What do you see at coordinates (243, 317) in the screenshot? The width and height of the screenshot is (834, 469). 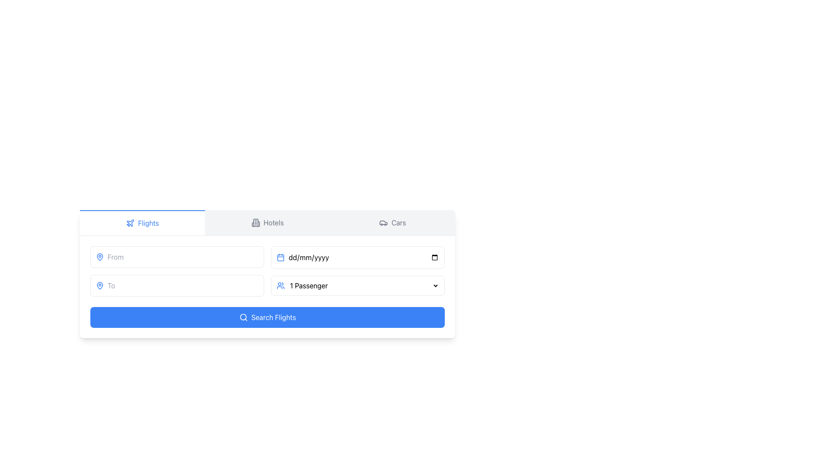 I see `the Decorative Circle within the magnifying glass icon that symbolizes search functionality, located at the bottom of the flight search form` at bounding box center [243, 317].